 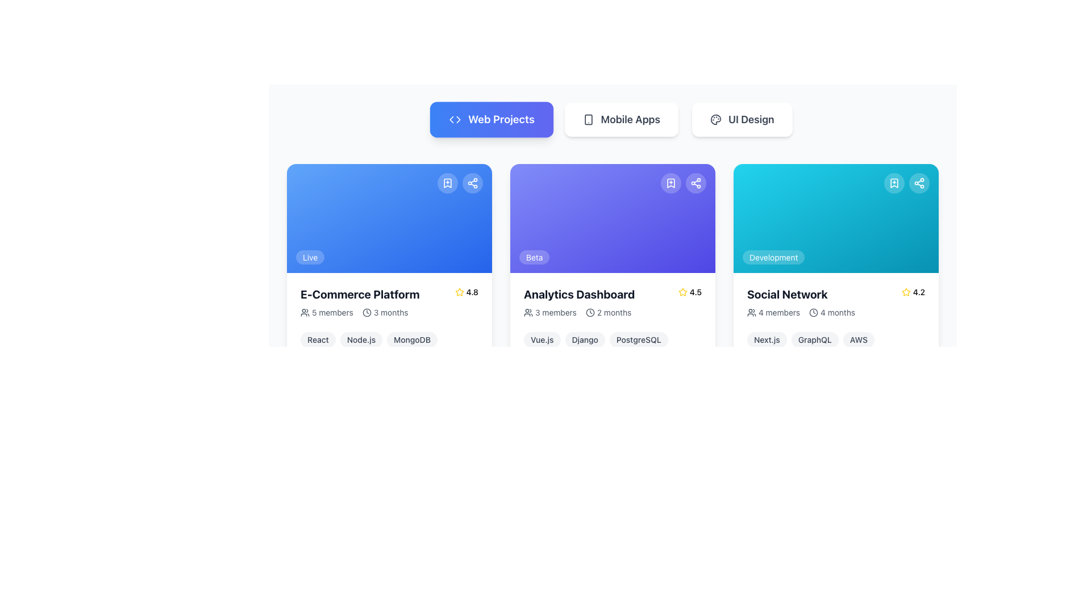 What do you see at coordinates (451, 120) in the screenshot?
I see `the left arrow icon represented by a polyline in the shape of an '<', which is part of a pair of graphical arrows located near the top left corner of the 'Web Projects' button` at bounding box center [451, 120].